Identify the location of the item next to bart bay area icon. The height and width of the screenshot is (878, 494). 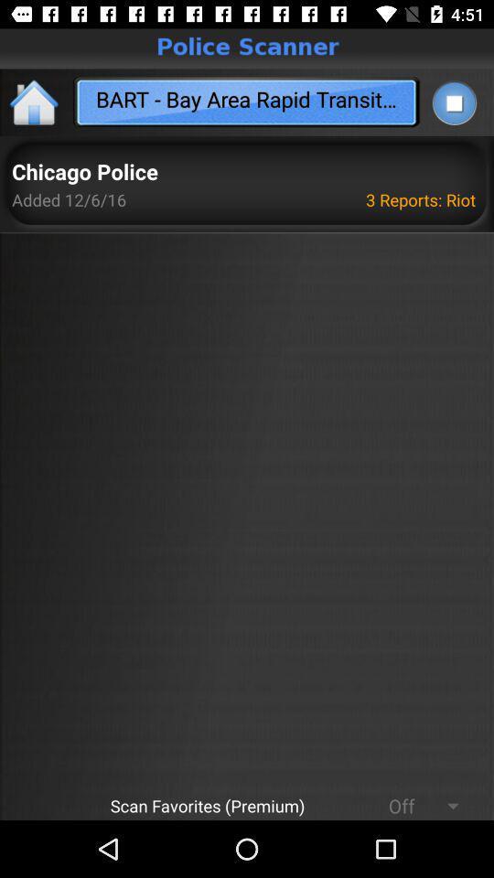
(453, 102).